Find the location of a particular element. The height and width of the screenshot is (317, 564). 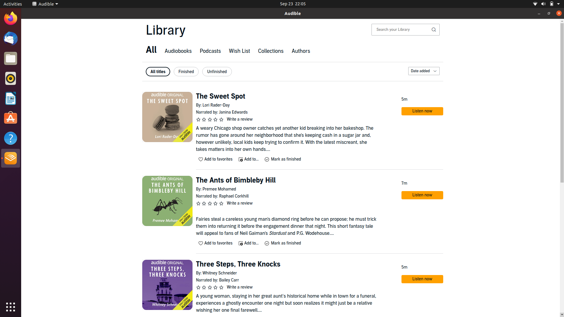

Extend current viewing window to its maximum dimension is located at coordinates (548, 13).